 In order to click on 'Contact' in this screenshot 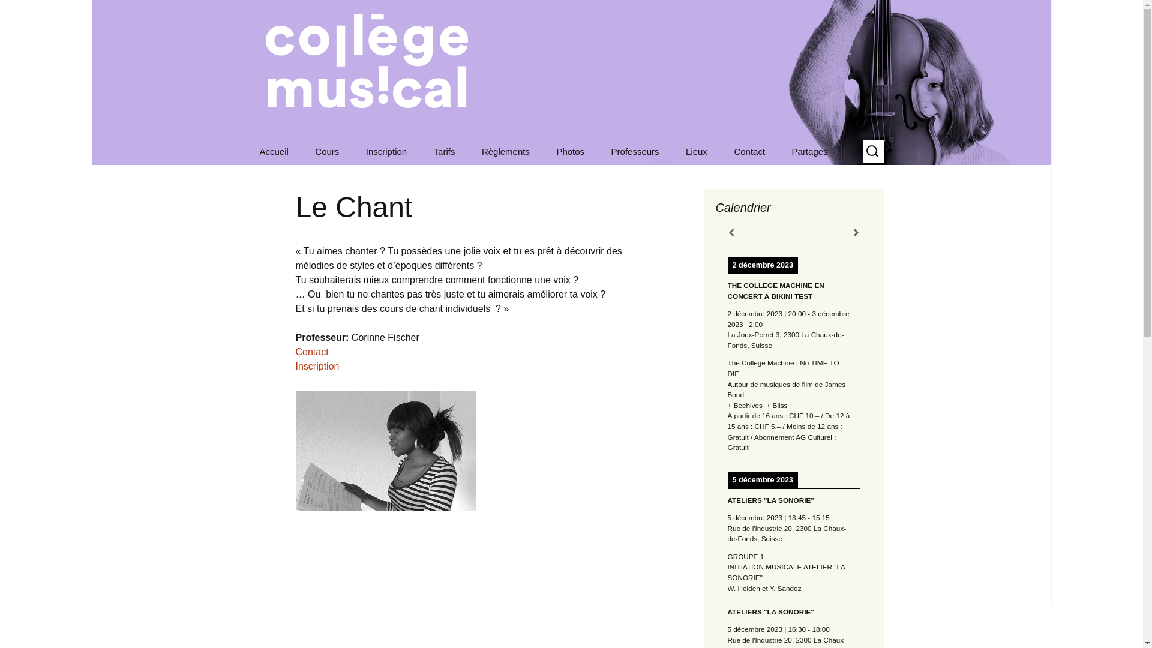, I will do `click(311, 351)`.